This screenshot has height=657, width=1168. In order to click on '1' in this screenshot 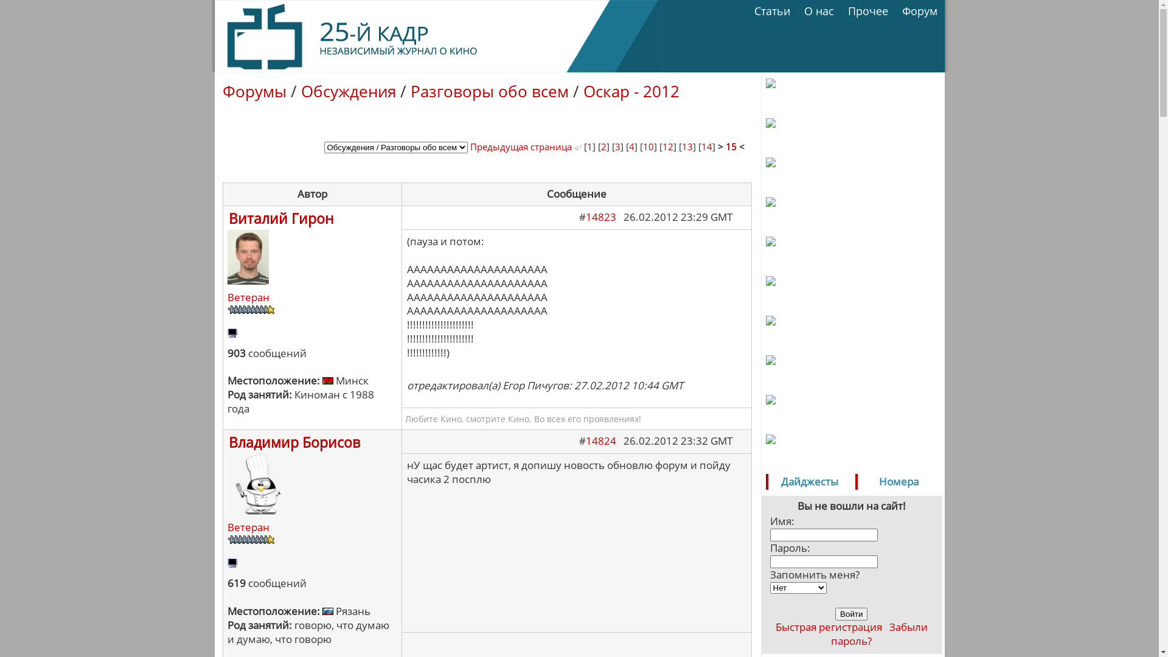, I will do `click(586, 145)`.